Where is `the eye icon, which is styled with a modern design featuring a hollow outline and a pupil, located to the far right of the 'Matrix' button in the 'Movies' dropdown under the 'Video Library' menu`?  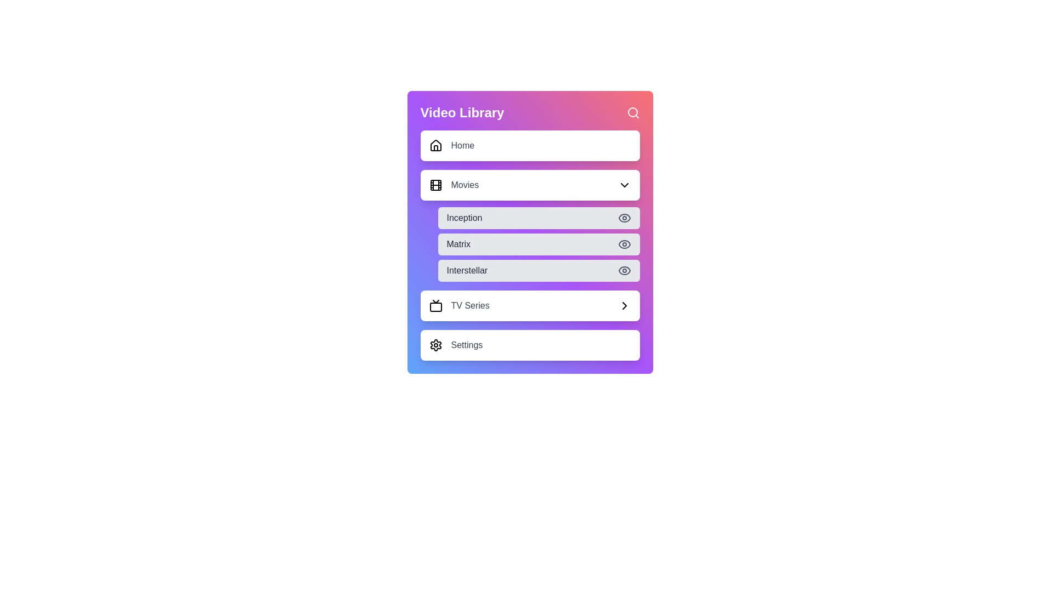 the eye icon, which is styled with a modern design featuring a hollow outline and a pupil, located to the far right of the 'Matrix' button in the 'Movies' dropdown under the 'Video Library' menu is located at coordinates (624, 244).